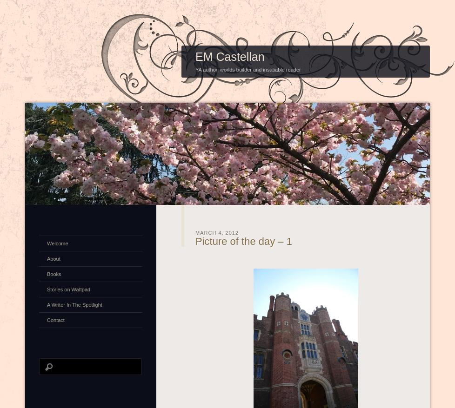 This screenshot has height=408, width=455. I want to click on 'Stories on Wattpad', so click(68, 288).